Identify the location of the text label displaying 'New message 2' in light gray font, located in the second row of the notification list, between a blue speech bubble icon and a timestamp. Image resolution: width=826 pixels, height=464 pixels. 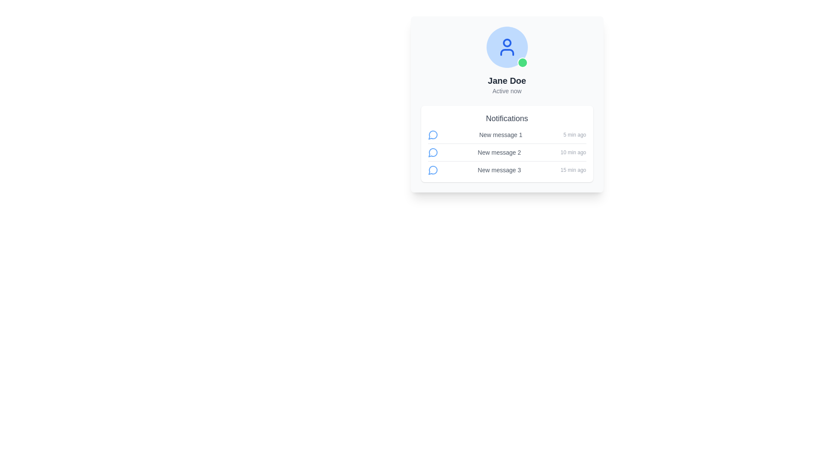
(499, 152).